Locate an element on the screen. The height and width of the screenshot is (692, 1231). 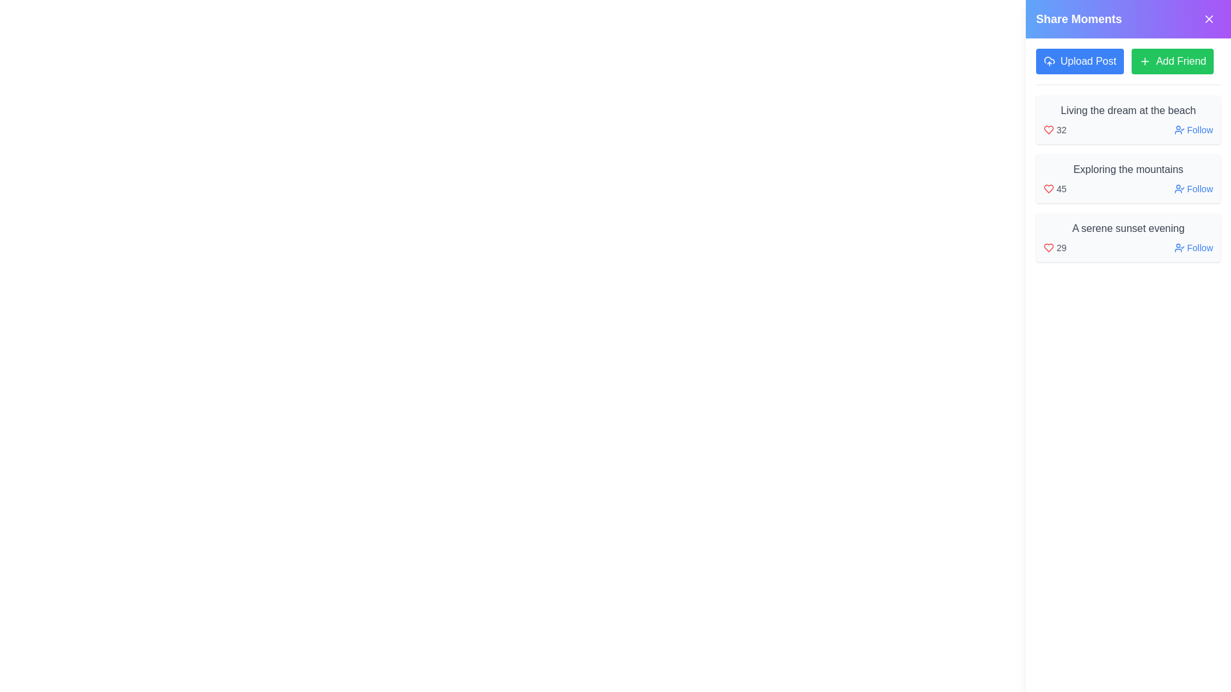
the static text element that displays the count of interactions for the 'Living the dream at the beach' post, located in the right-hand column under 'Share Moments', next to the red heart icon is located at coordinates (1061, 130).